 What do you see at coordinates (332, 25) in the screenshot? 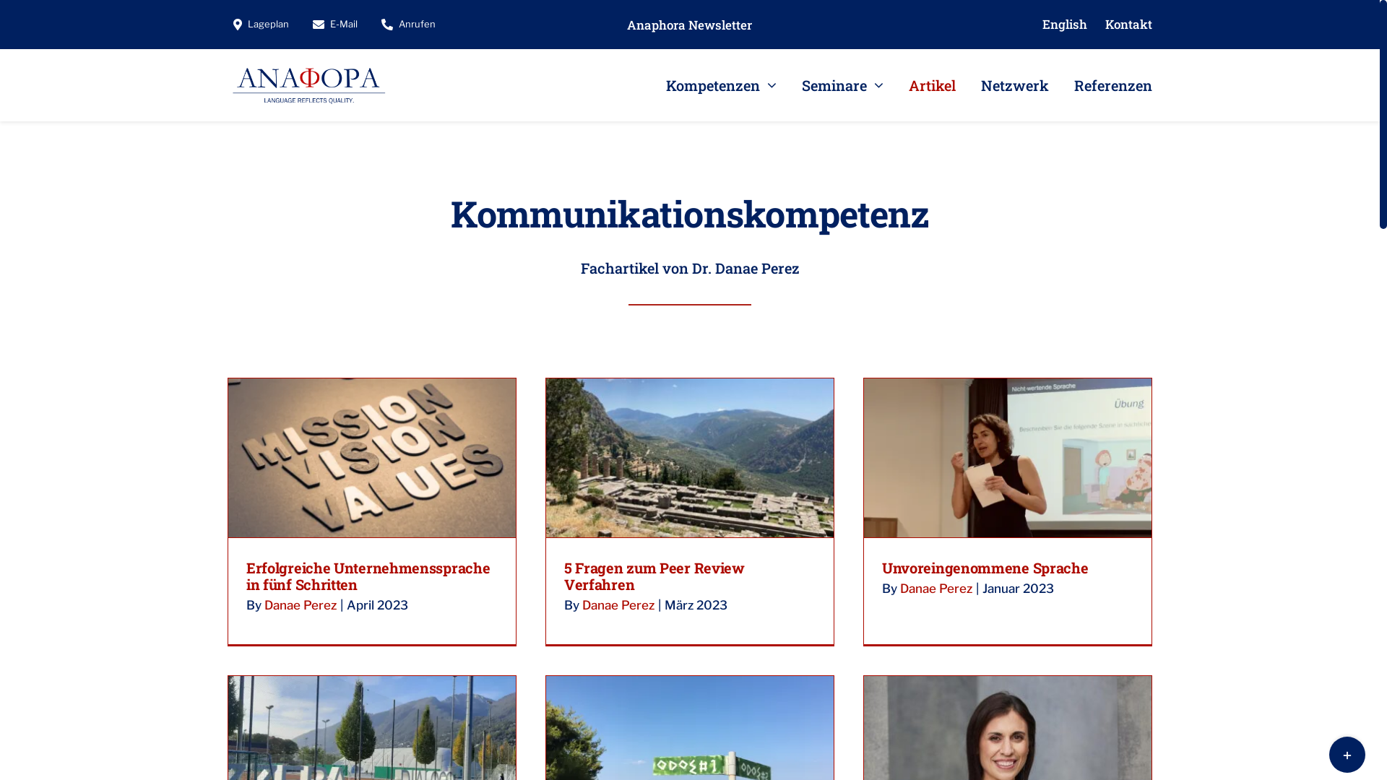
I see `'E-Mail'` at bounding box center [332, 25].